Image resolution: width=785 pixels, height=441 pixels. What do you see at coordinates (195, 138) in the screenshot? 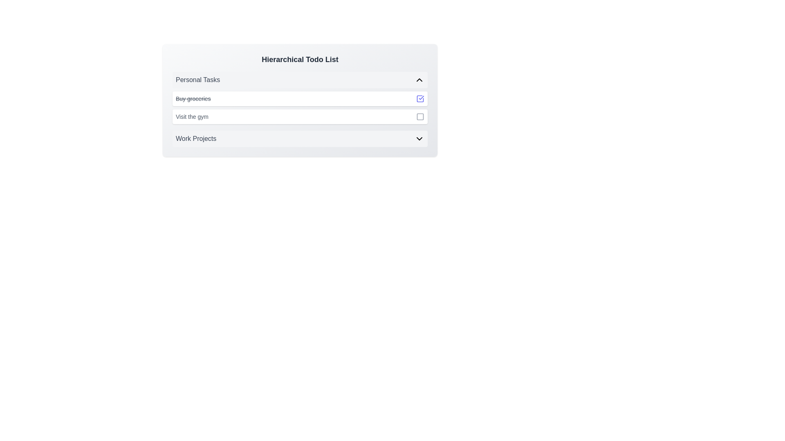
I see `the 'Work Projects' text label, which categorizes a group of tasks within the 'Hierarchical Todo List' section, located just below 'Personal Tasks'` at bounding box center [195, 138].